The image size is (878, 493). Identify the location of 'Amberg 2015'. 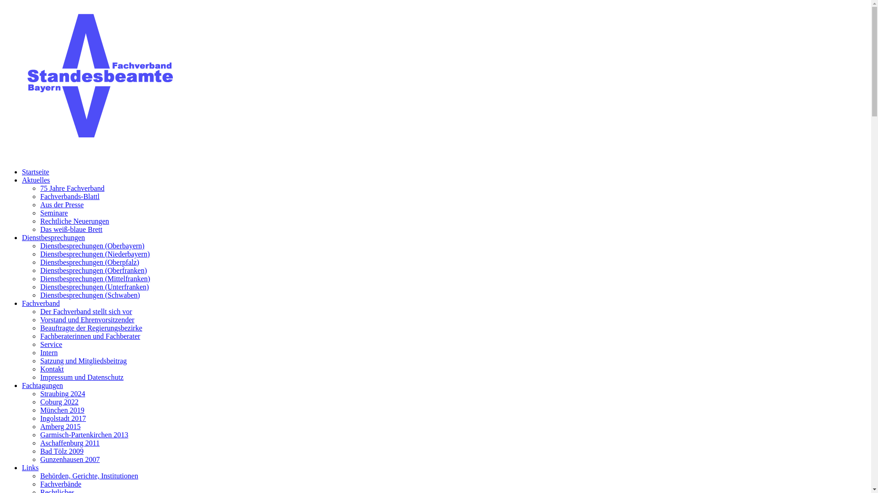
(59, 426).